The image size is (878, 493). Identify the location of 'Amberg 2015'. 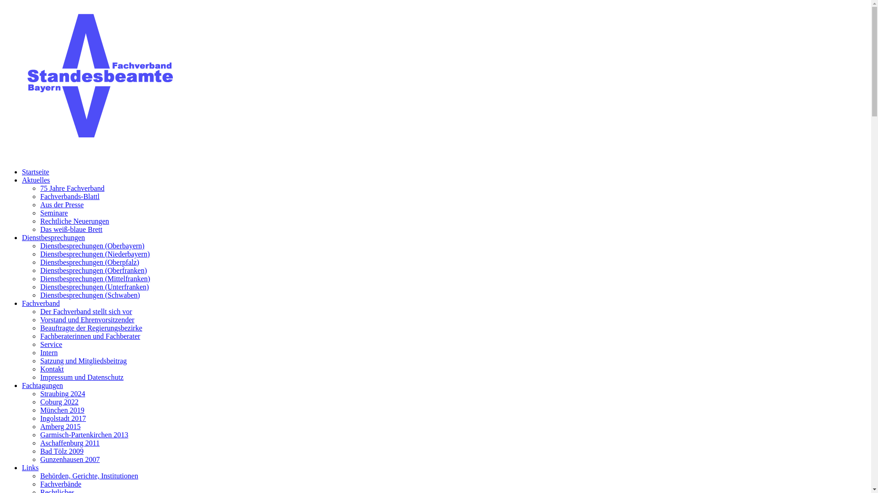
(59, 426).